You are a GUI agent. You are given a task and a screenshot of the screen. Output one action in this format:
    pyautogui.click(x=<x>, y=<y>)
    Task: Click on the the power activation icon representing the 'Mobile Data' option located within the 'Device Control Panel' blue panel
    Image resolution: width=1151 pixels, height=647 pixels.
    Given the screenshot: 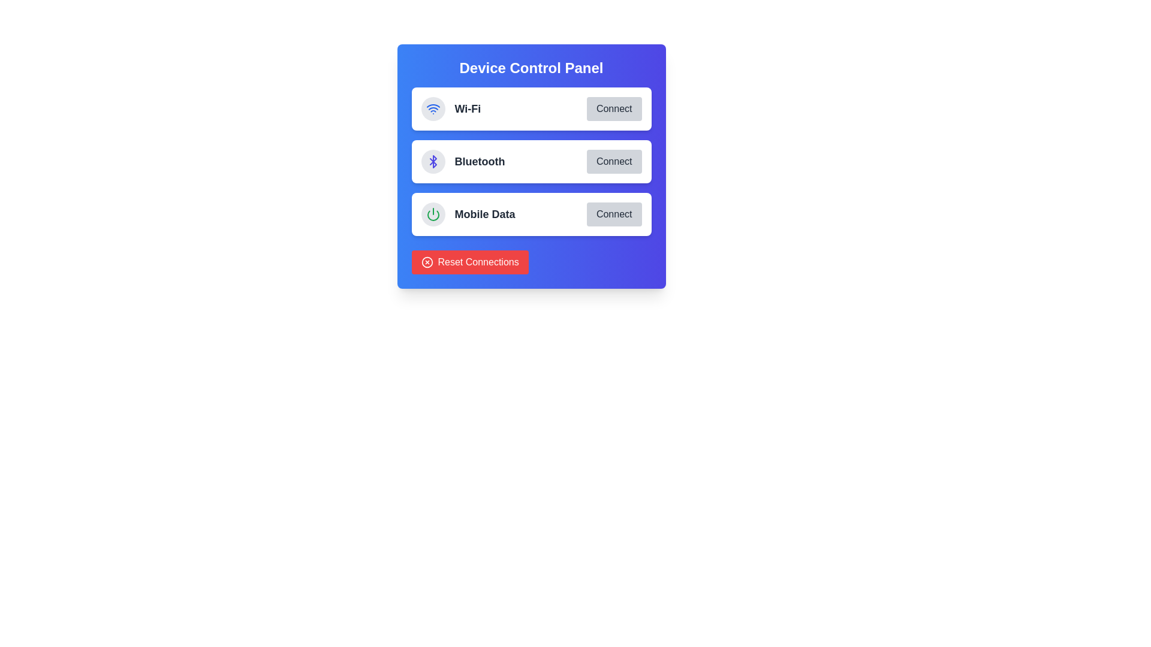 What is the action you would take?
    pyautogui.click(x=432, y=214)
    